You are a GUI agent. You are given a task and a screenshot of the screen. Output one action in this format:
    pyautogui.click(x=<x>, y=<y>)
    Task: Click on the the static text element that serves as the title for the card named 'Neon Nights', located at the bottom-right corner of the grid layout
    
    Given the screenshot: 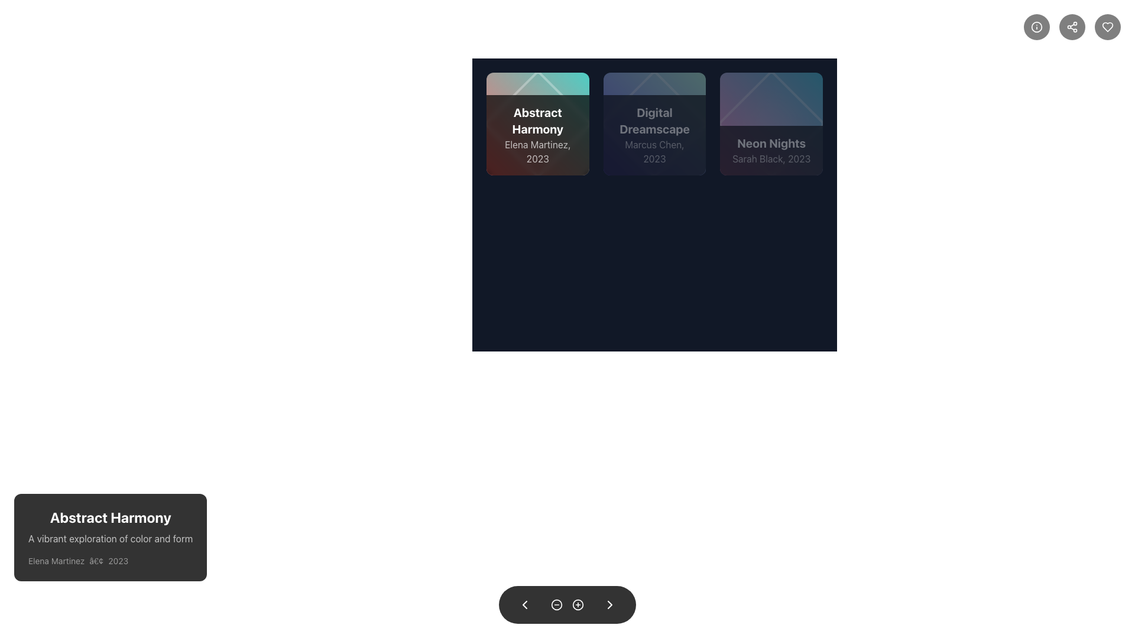 What is the action you would take?
    pyautogui.click(x=771, y=142)
    